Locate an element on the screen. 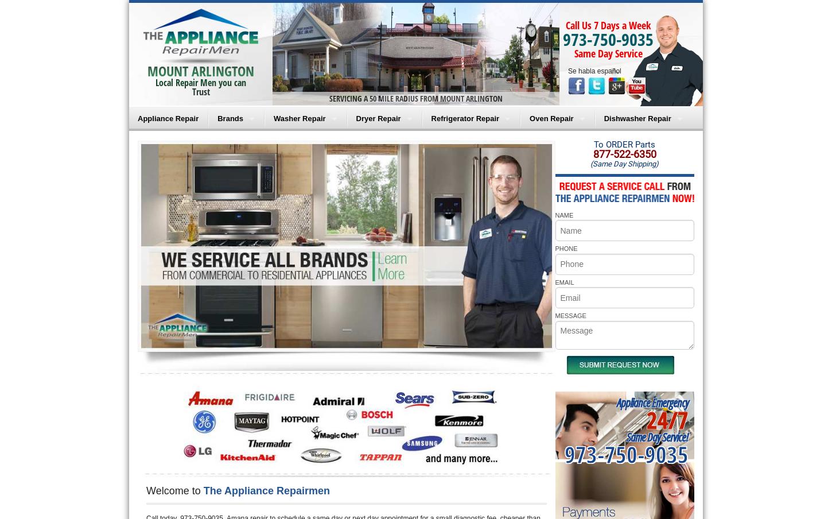 The height and width of the screenshot is (519, 832). 'Call Us 7 Days a Week' is located at coordinates (608, 25).